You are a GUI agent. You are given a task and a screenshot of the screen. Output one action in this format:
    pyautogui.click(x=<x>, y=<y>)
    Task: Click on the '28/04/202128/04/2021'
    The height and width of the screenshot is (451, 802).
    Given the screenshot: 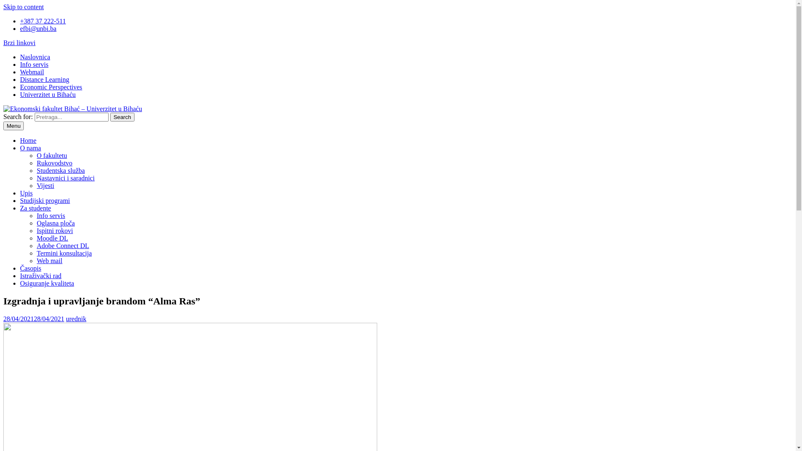 What is the action you would take?
    pyautogui.click(x=3, y=319)
    